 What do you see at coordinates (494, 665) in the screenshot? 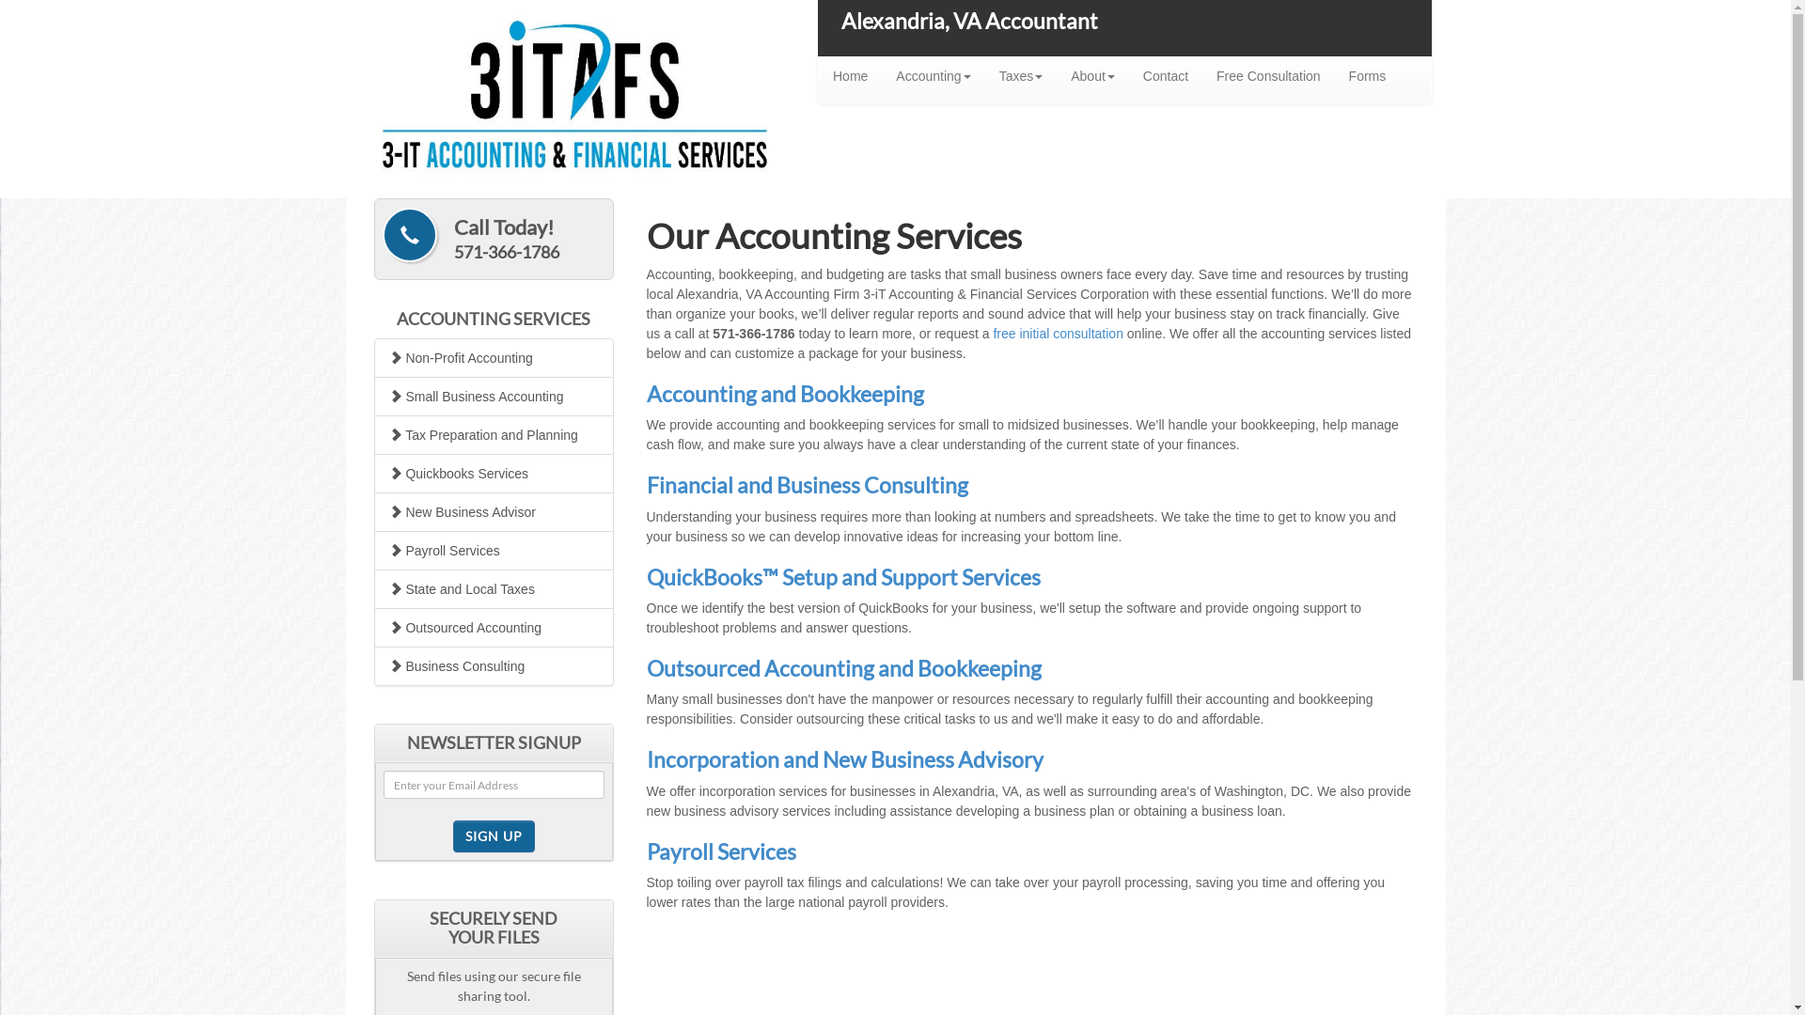
I see `'Business Consulting'` at bounding box center [494, 665].